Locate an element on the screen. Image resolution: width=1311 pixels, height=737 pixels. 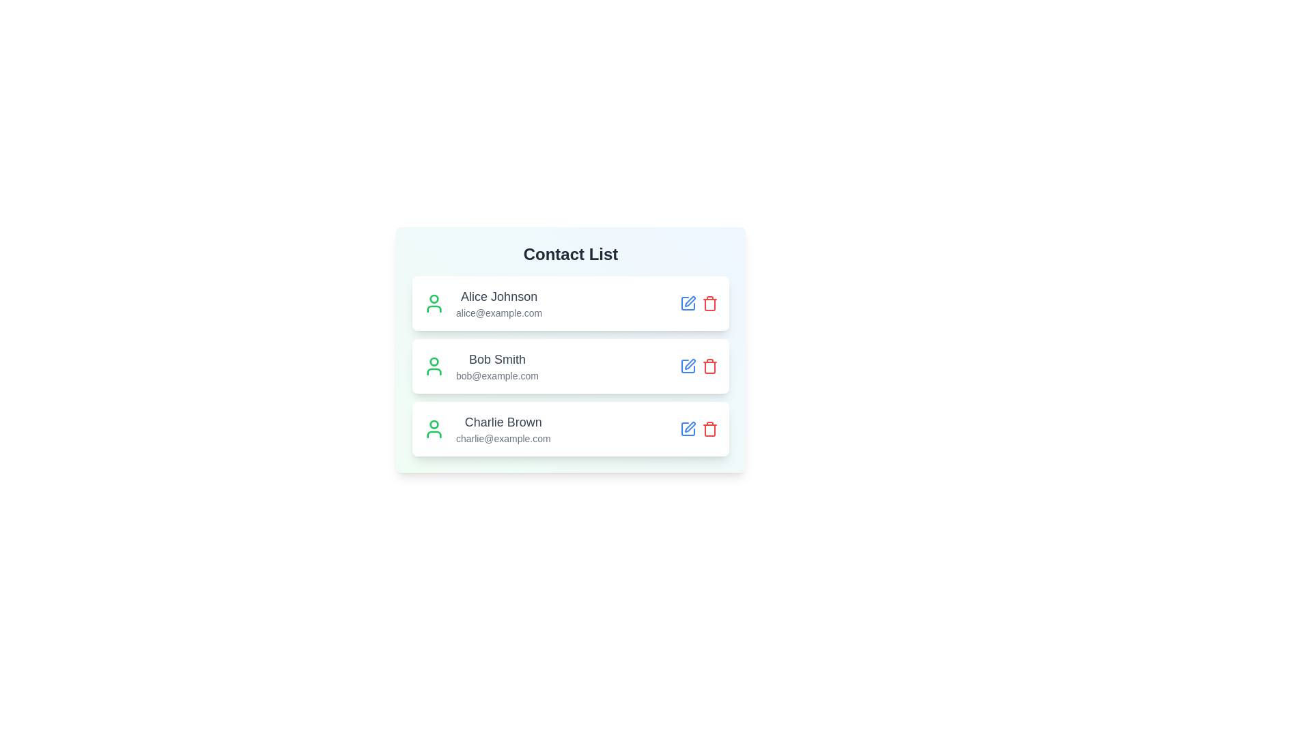
edit button for the contact Alice Johnson is located at coordinates (688, 302).